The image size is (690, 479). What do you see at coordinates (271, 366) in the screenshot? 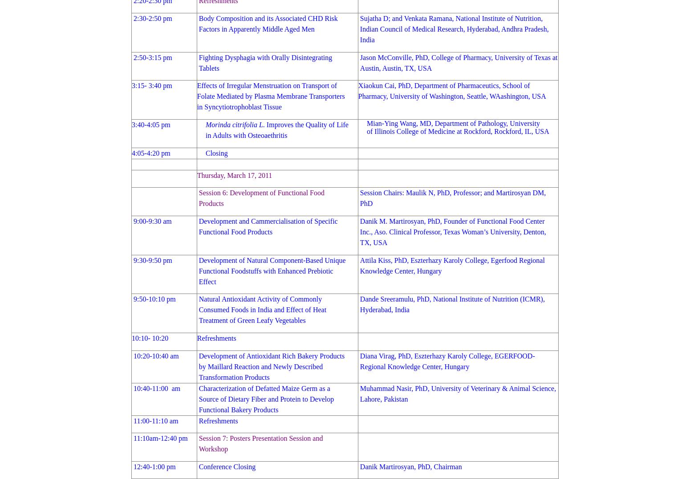
I see `'Development of Antioxidant Rich Bakery Products by Maillard Reaction and Newly Described Transformation Products'` at bounding box center [271, 366].